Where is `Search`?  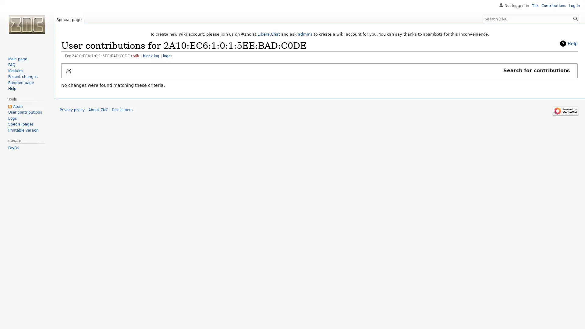 Search is located at coordinates (575, 18).